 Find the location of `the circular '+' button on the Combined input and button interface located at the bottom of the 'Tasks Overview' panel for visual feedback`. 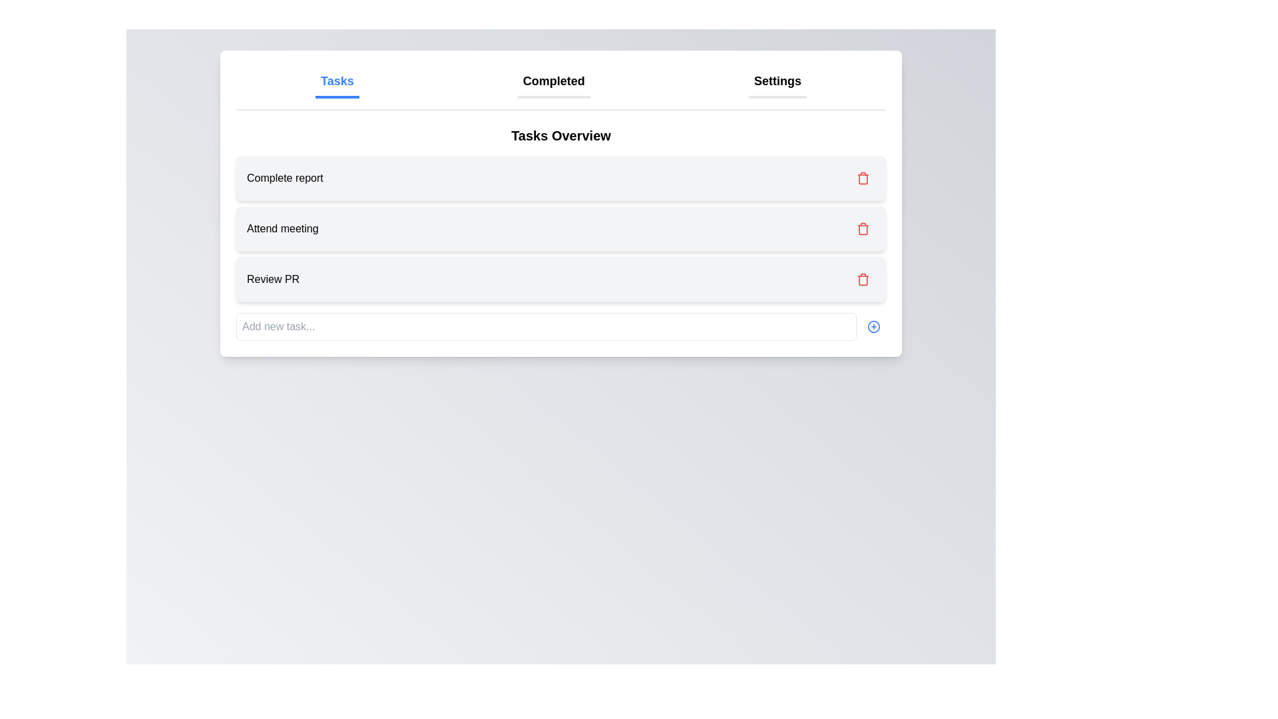

the circular '+' button on the Combined input and button interface located at the bottom of the 'Tasks Overview' panel for visual feedback is located at coordinates (561, 326).